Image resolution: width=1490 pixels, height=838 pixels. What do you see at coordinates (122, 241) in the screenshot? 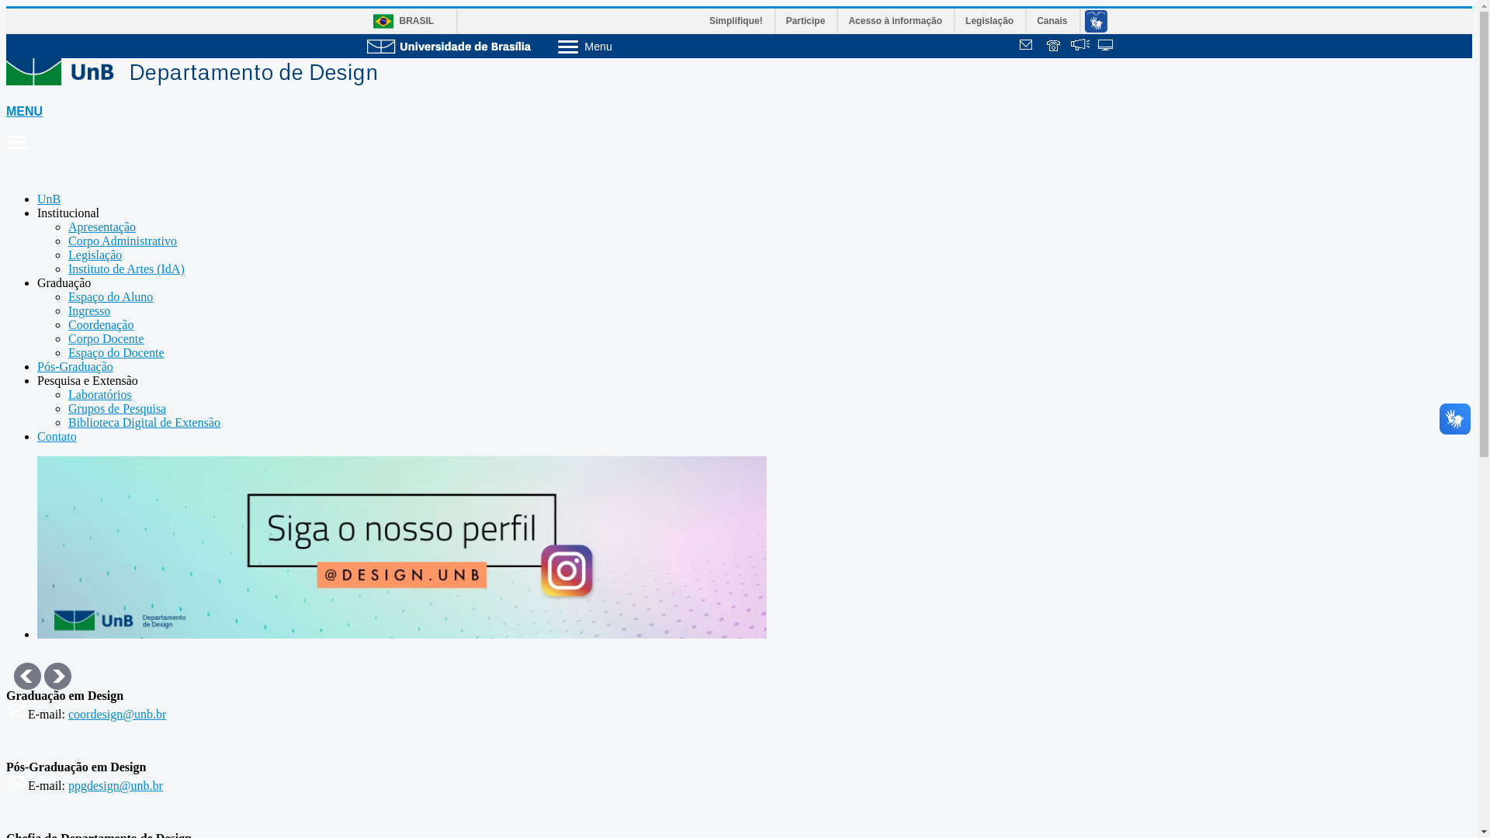
I see `'Corpo Administrativo'` at bounding box center [122, 241].